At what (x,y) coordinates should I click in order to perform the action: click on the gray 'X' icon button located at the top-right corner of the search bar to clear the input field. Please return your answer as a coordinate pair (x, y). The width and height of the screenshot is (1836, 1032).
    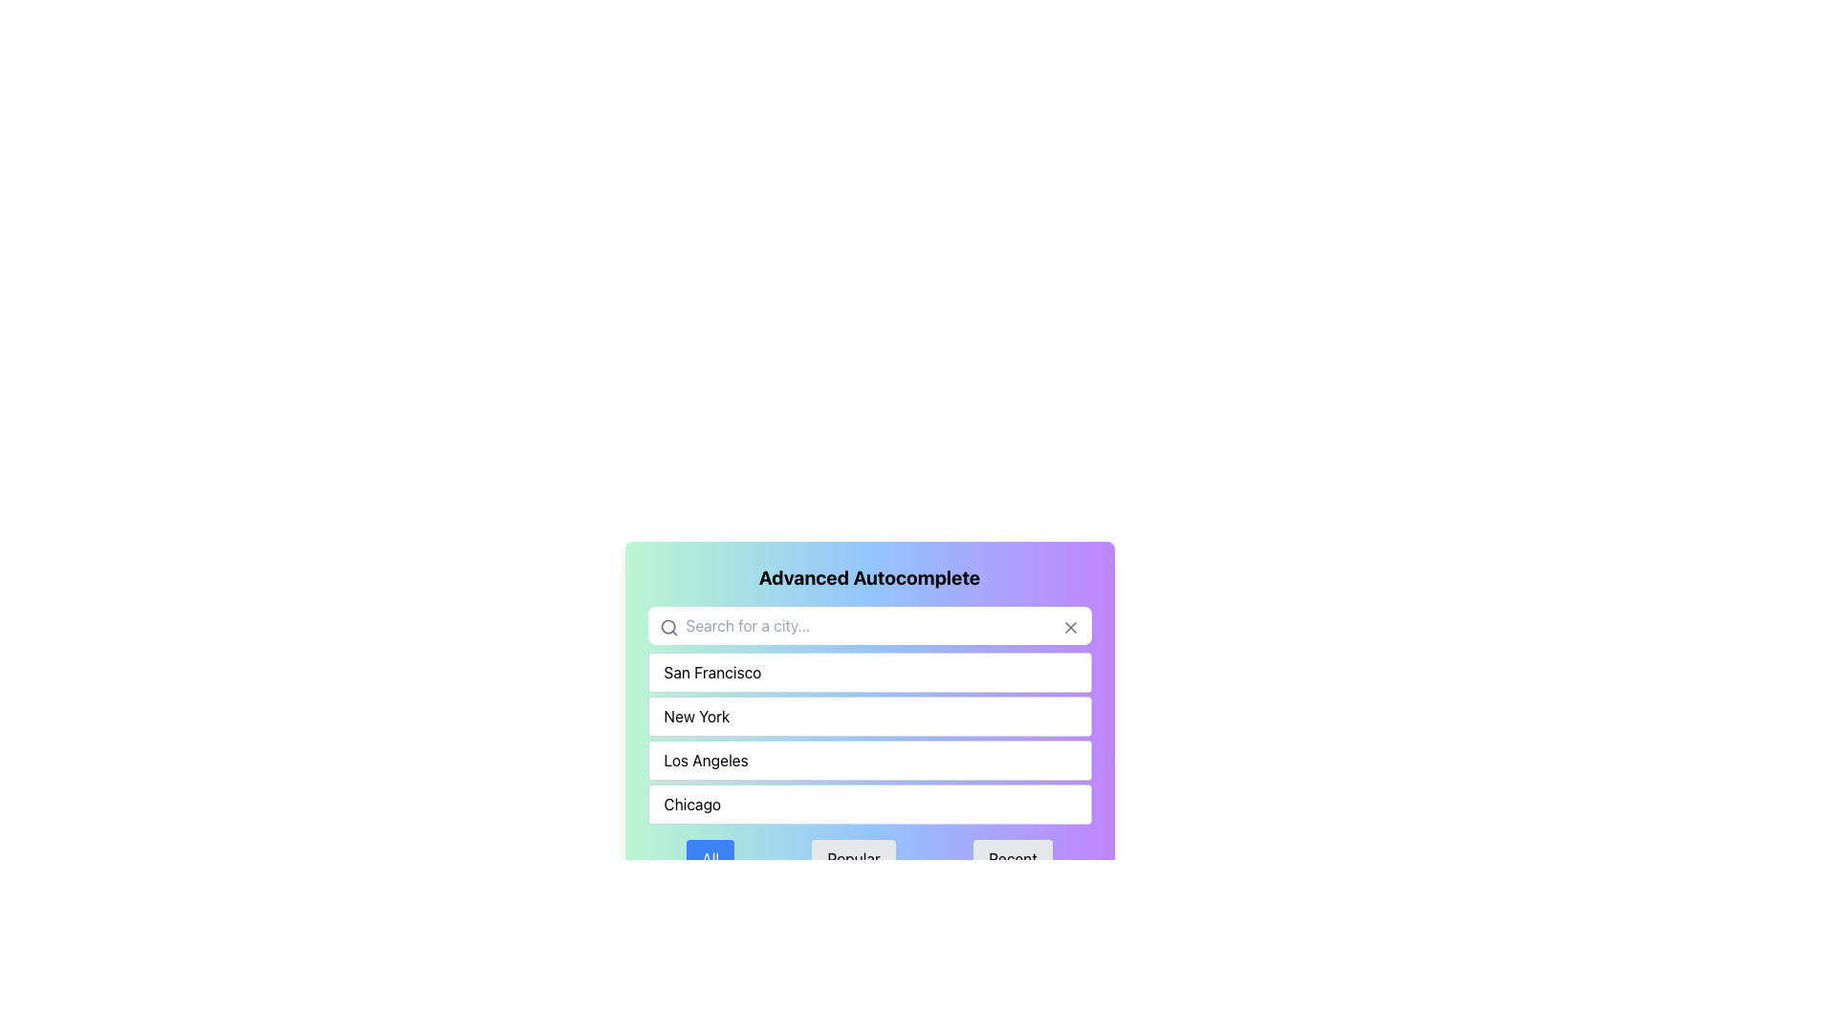
    Looking at the image, I should click on (1069, 627).